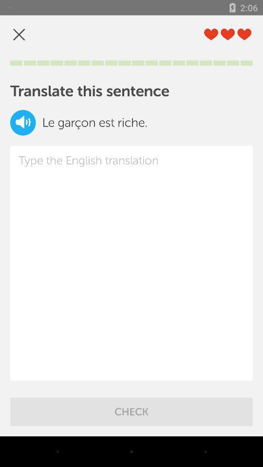 The image size is (263, 467). What do you see at coordinates (131, 411) in the screenshot?
I see `check item` at bounding box center [131, 411].